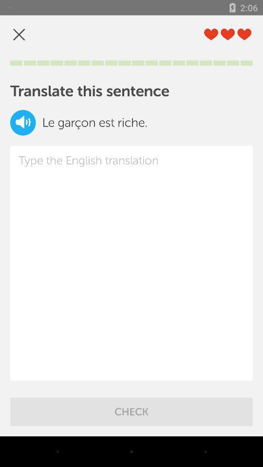 The image size is (263, 467). What do you see at coordinates (131, 411) in the screenshot?
I see `check item` at bounding box center [131, 411].